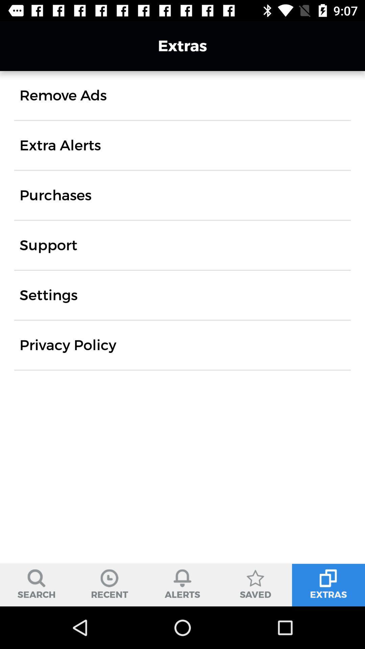  I want to click on icon below the remove ads, so click(60, 145).